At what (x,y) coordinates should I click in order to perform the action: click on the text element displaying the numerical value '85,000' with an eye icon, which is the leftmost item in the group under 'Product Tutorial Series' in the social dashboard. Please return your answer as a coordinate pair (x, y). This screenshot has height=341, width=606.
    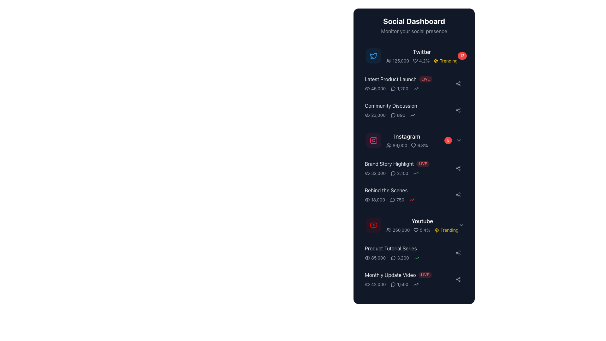
    Looking at the image, I should click on (375, 258).